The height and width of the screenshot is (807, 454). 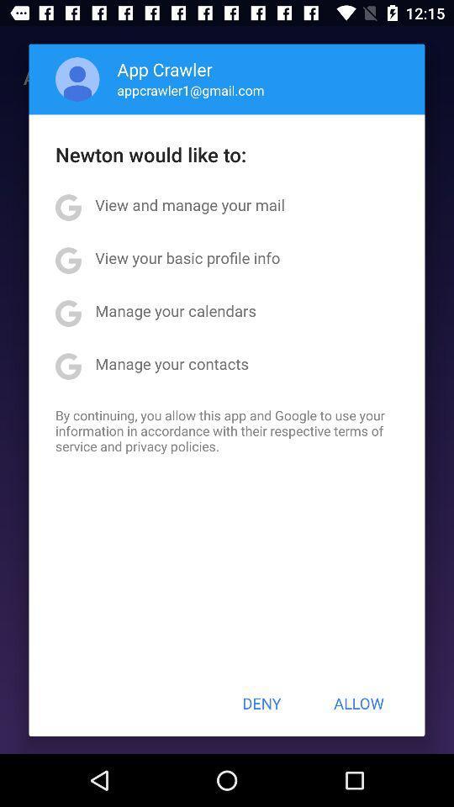 What do you see at coordinates (165, 69) in the screenshot?
I see `app crawler app` at bounding box center [165, 69].